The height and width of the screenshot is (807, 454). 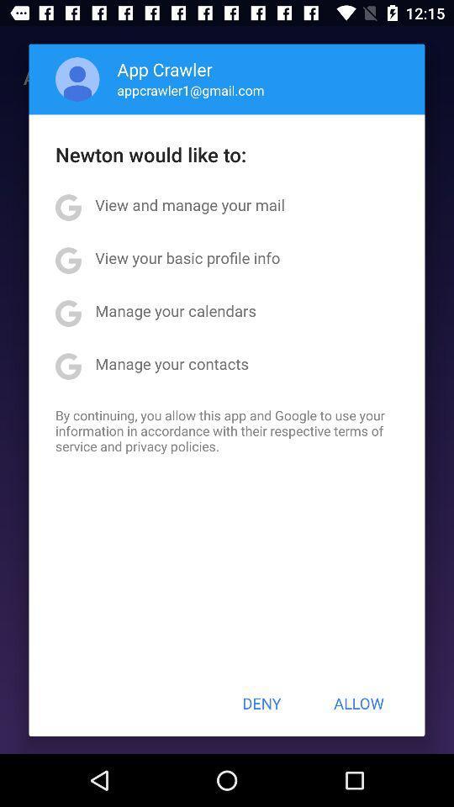 What do you see at coordinates (165, 69) in the screenshot?
I see `app crawler app` at bounding box center [165, 69].